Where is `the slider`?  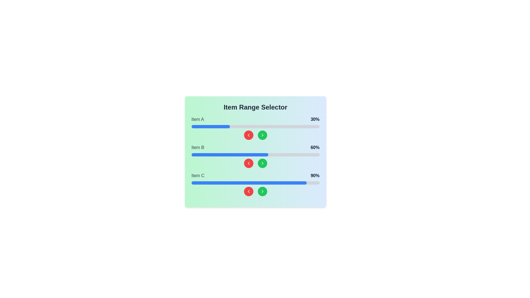 the slider is located at coordinates (291, 155).